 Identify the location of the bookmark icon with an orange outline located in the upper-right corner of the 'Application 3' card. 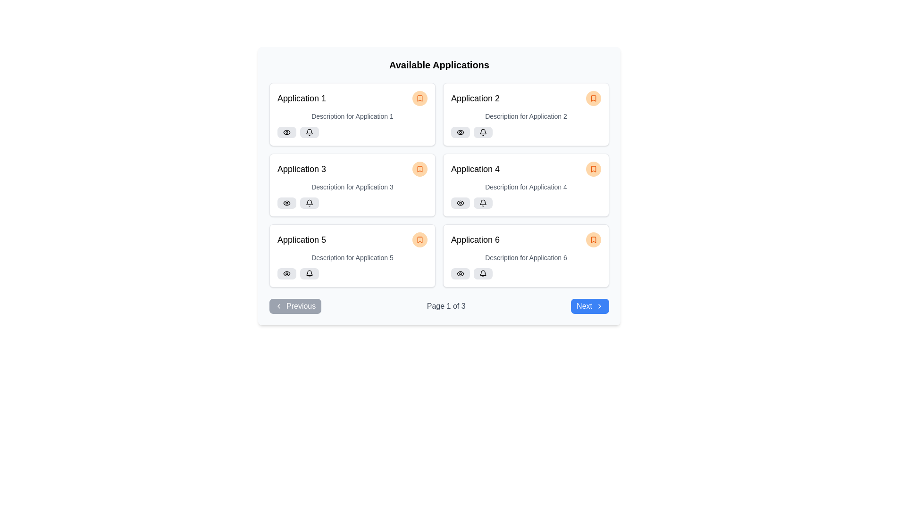
(419, 168).